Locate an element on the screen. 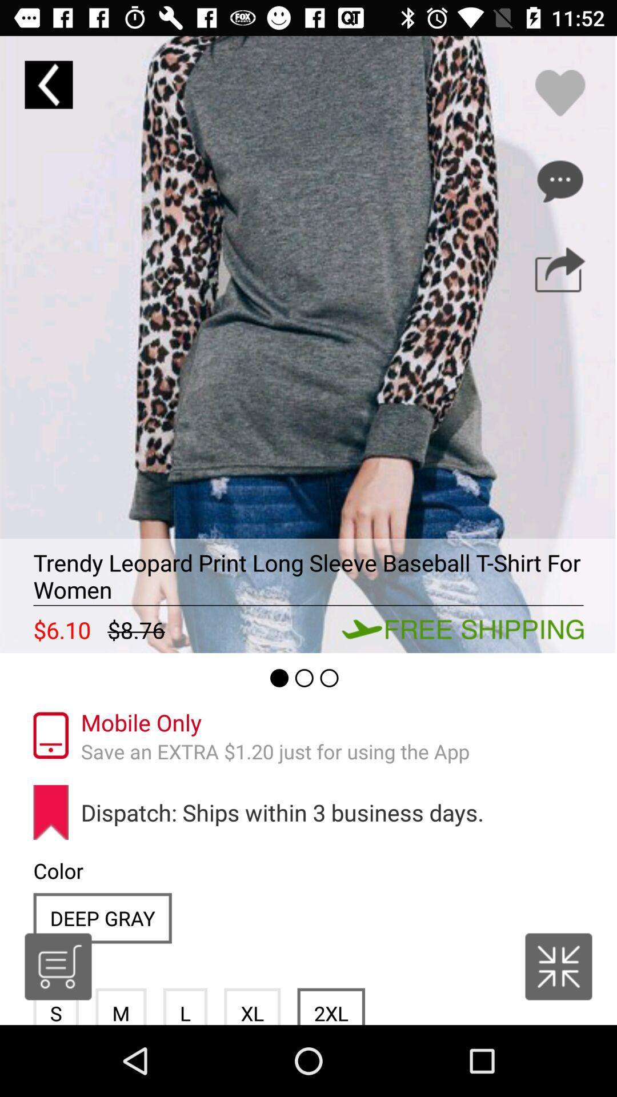  checkout is located at coordinates (58, 966).